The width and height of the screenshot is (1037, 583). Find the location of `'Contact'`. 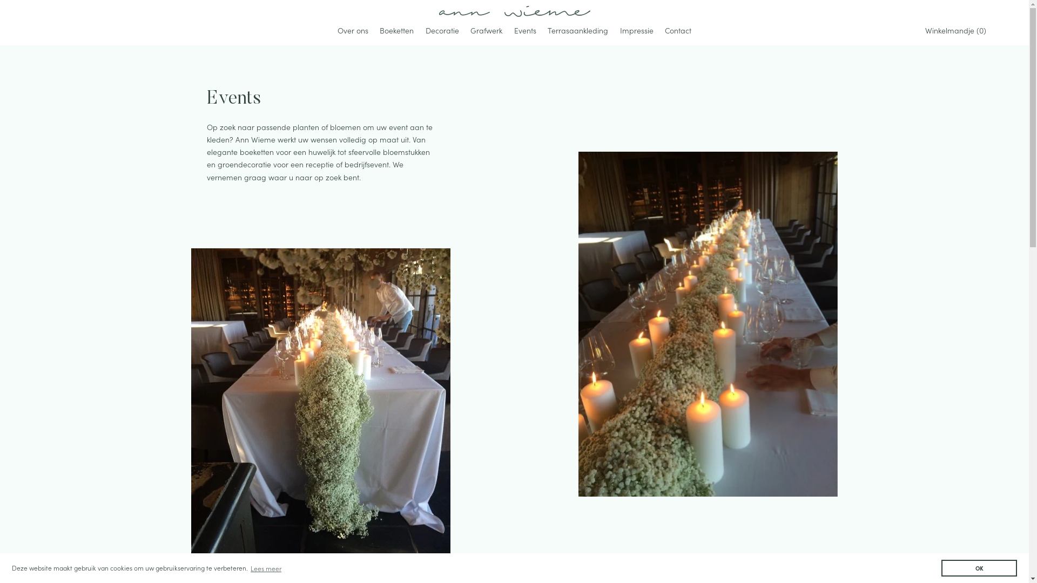

'Contact' is located at coordinates (677, 31).